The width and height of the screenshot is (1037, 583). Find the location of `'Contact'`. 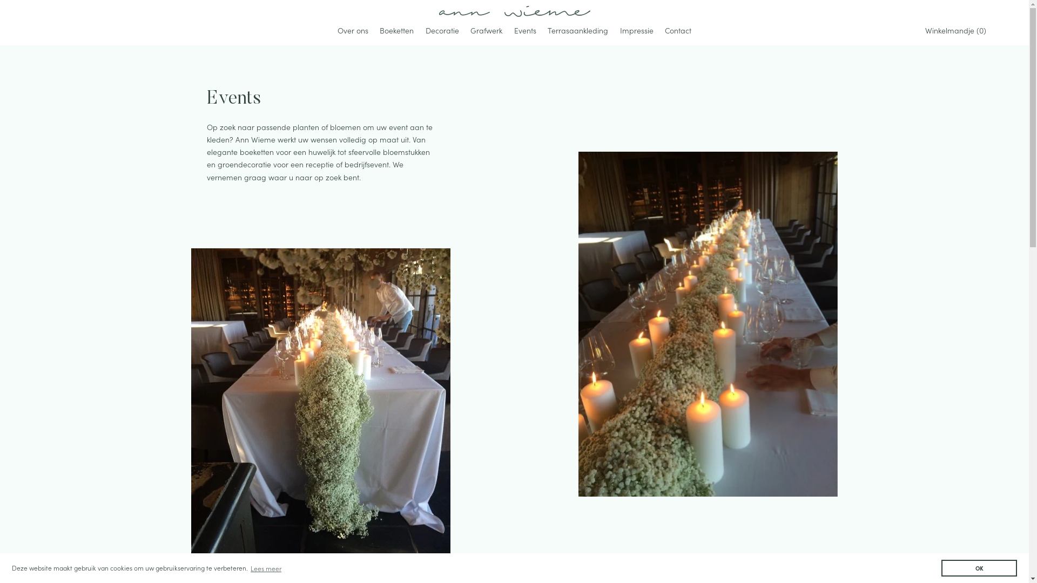

'Contact' is located at coordinates (677, 31).